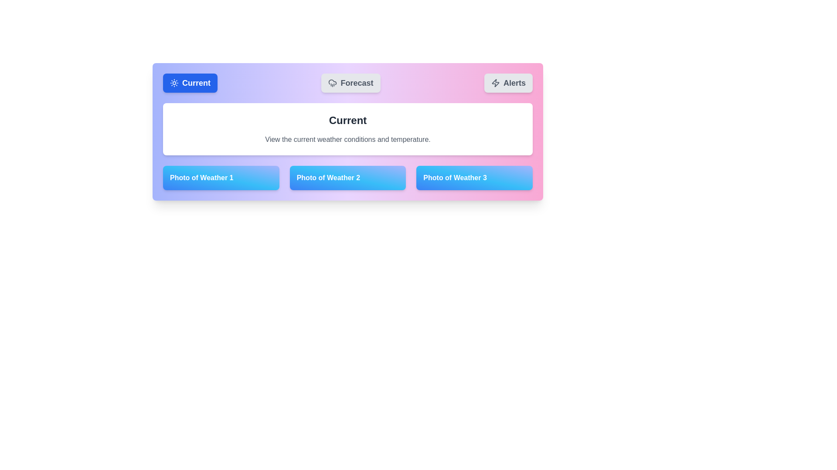 The image size is (837, 470). What do you see at coordinates (496, 83) in the screenshot?
I see `the 'Alerts' icon located in the top right corner of the interface, which indicates critical or urgent information to the user` at bounding box center [496, 83].